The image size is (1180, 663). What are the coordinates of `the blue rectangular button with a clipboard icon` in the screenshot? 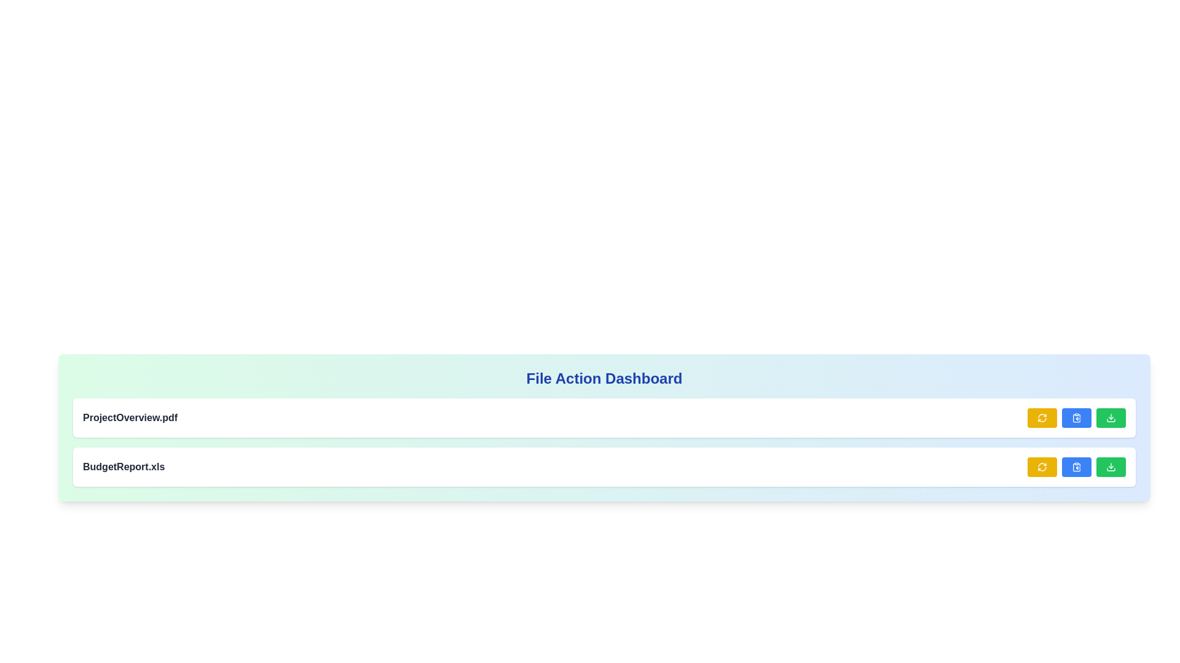 It's located at (1076, 467).